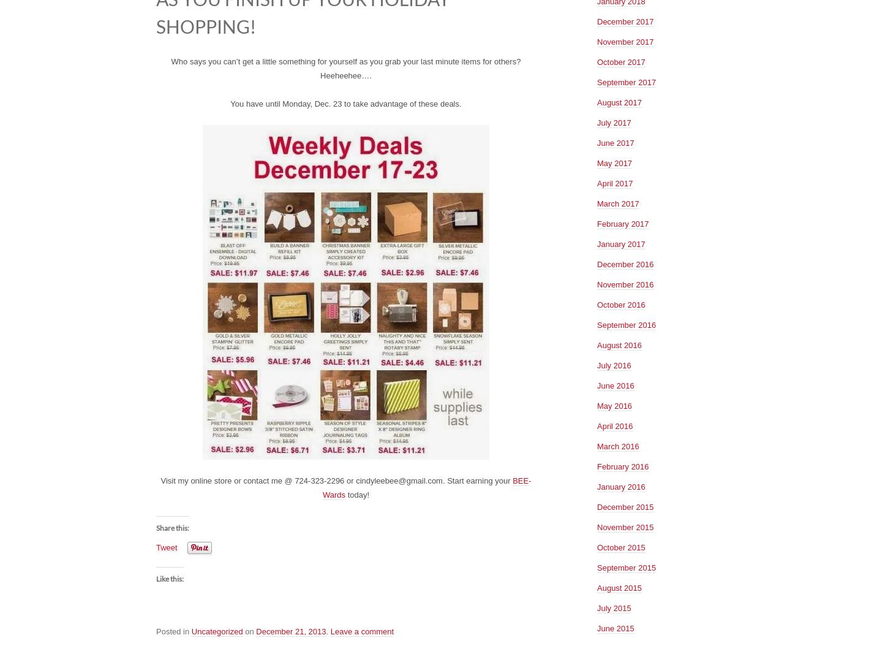 This screenshot has width=888, height=646. What do you see at coordinates (426, 487) in the screenshot?
I see `'BEE-Wards'` at bounding box center [426, 487].